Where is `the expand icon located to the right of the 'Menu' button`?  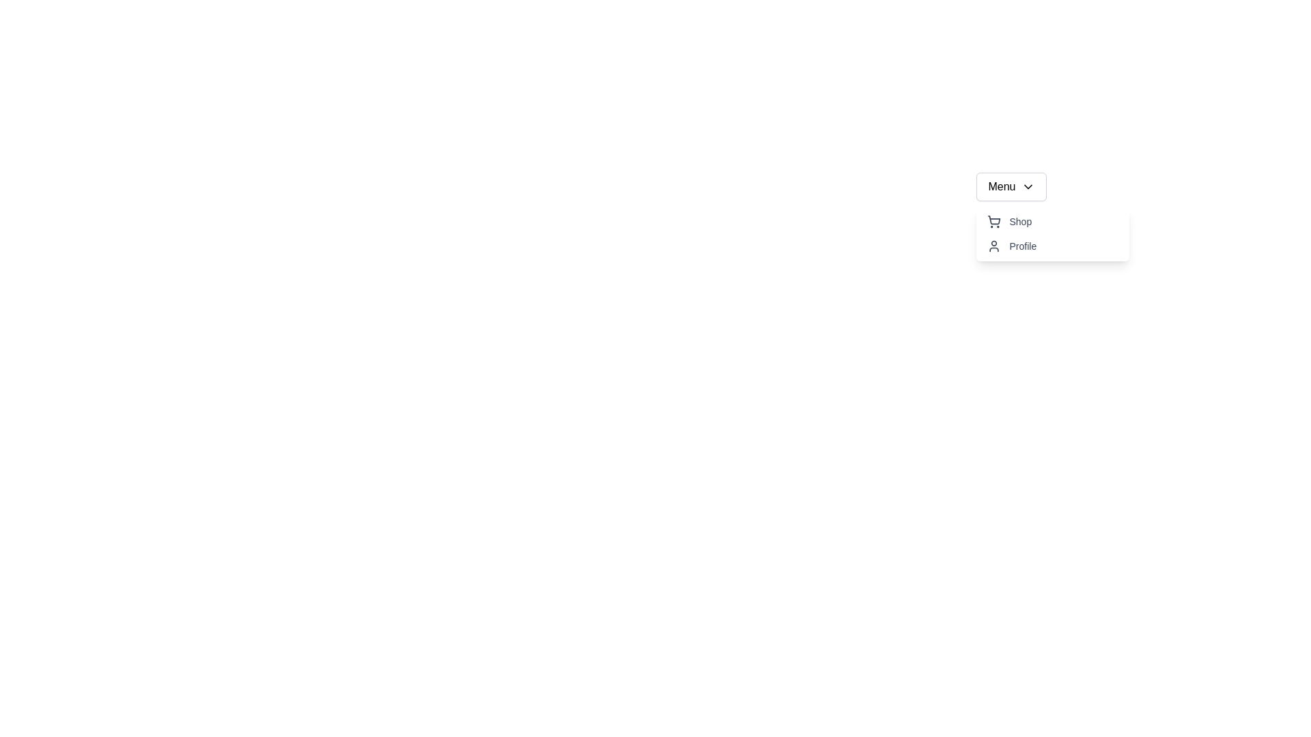 the expand icon located to the right of the 'Menu' button is located at coordinates (1028, 186).